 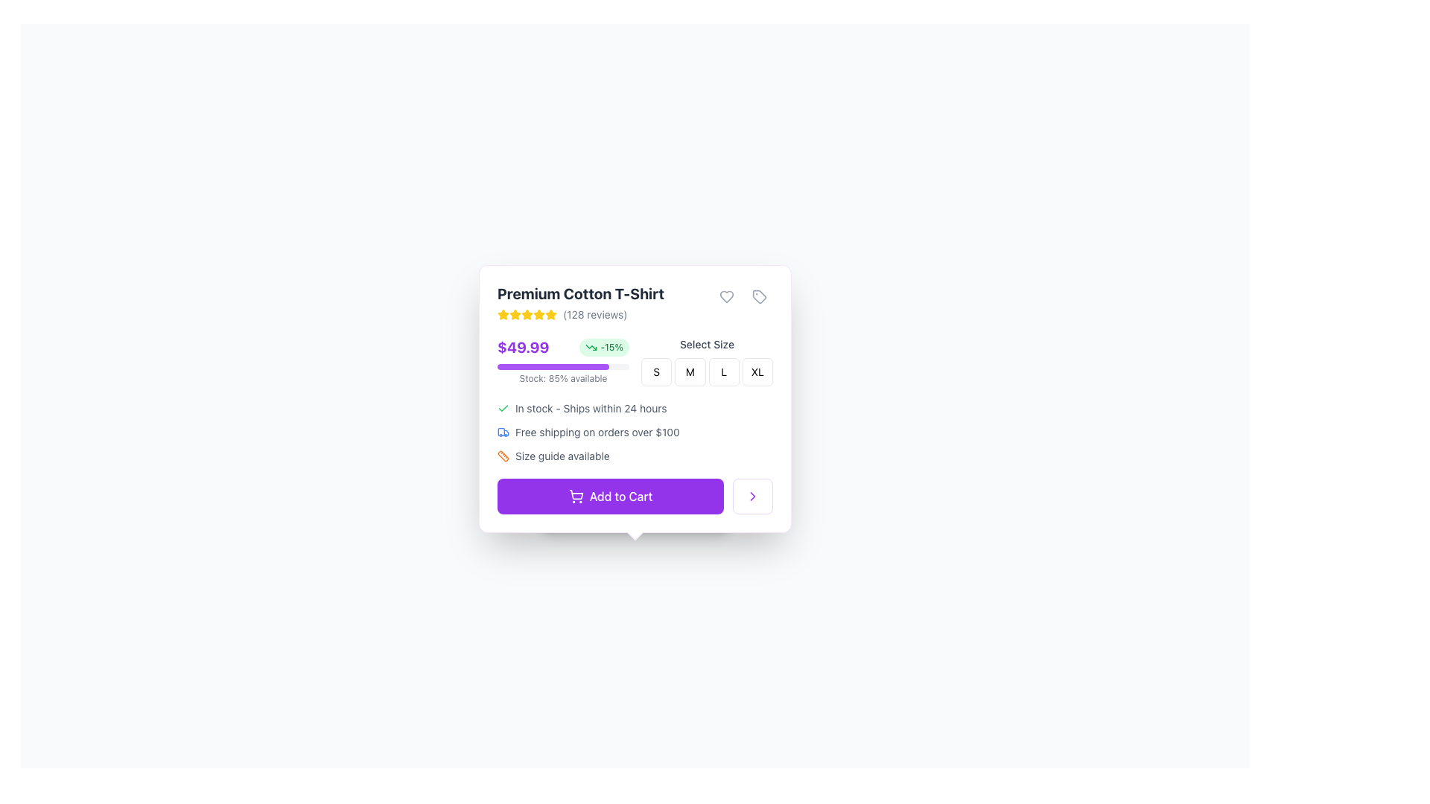 I want to click on the tag-shaped icon located in the top right corner of the product information UI card, so click(x=759, y=296).